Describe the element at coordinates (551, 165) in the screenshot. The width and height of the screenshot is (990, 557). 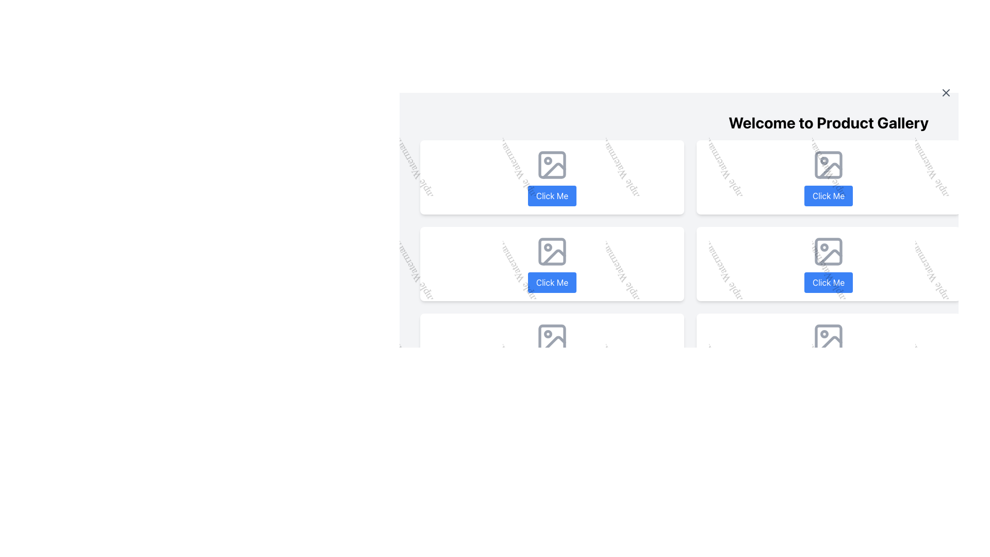
I see `the small rectangular SVG shape with rounded corners, which serves as the background graphic for an icon located in the upper left section of a grid layout` at that location.